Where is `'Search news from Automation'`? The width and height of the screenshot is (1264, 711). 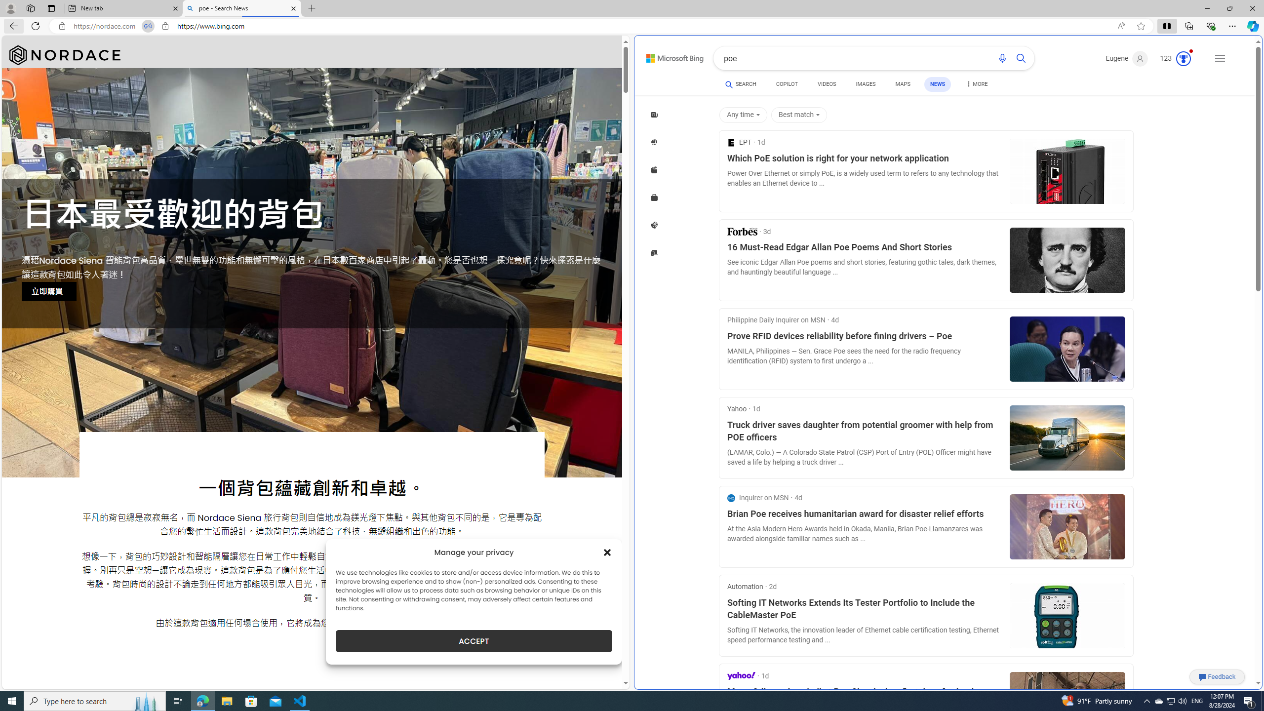 'Search news from Automation' is located at coordinates (745, 586).